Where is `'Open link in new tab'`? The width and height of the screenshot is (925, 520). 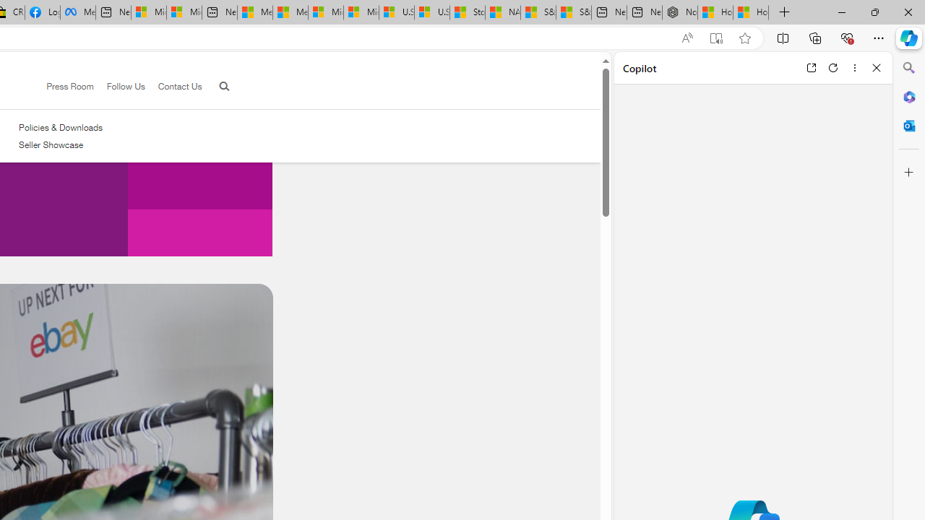
'Open link in new tab' is located at coordinates (811, 67).